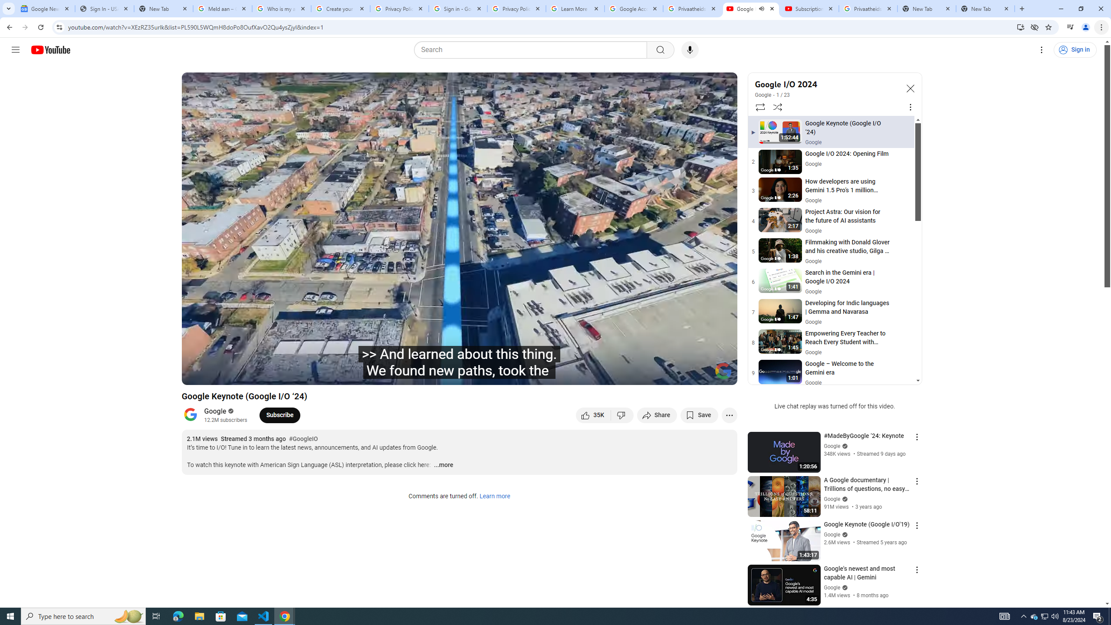 This screenshot has height=625, width=1111. Describe the element at coordinates (258, 374) in the screenshot. I see `'Mute (m)'` at that location.